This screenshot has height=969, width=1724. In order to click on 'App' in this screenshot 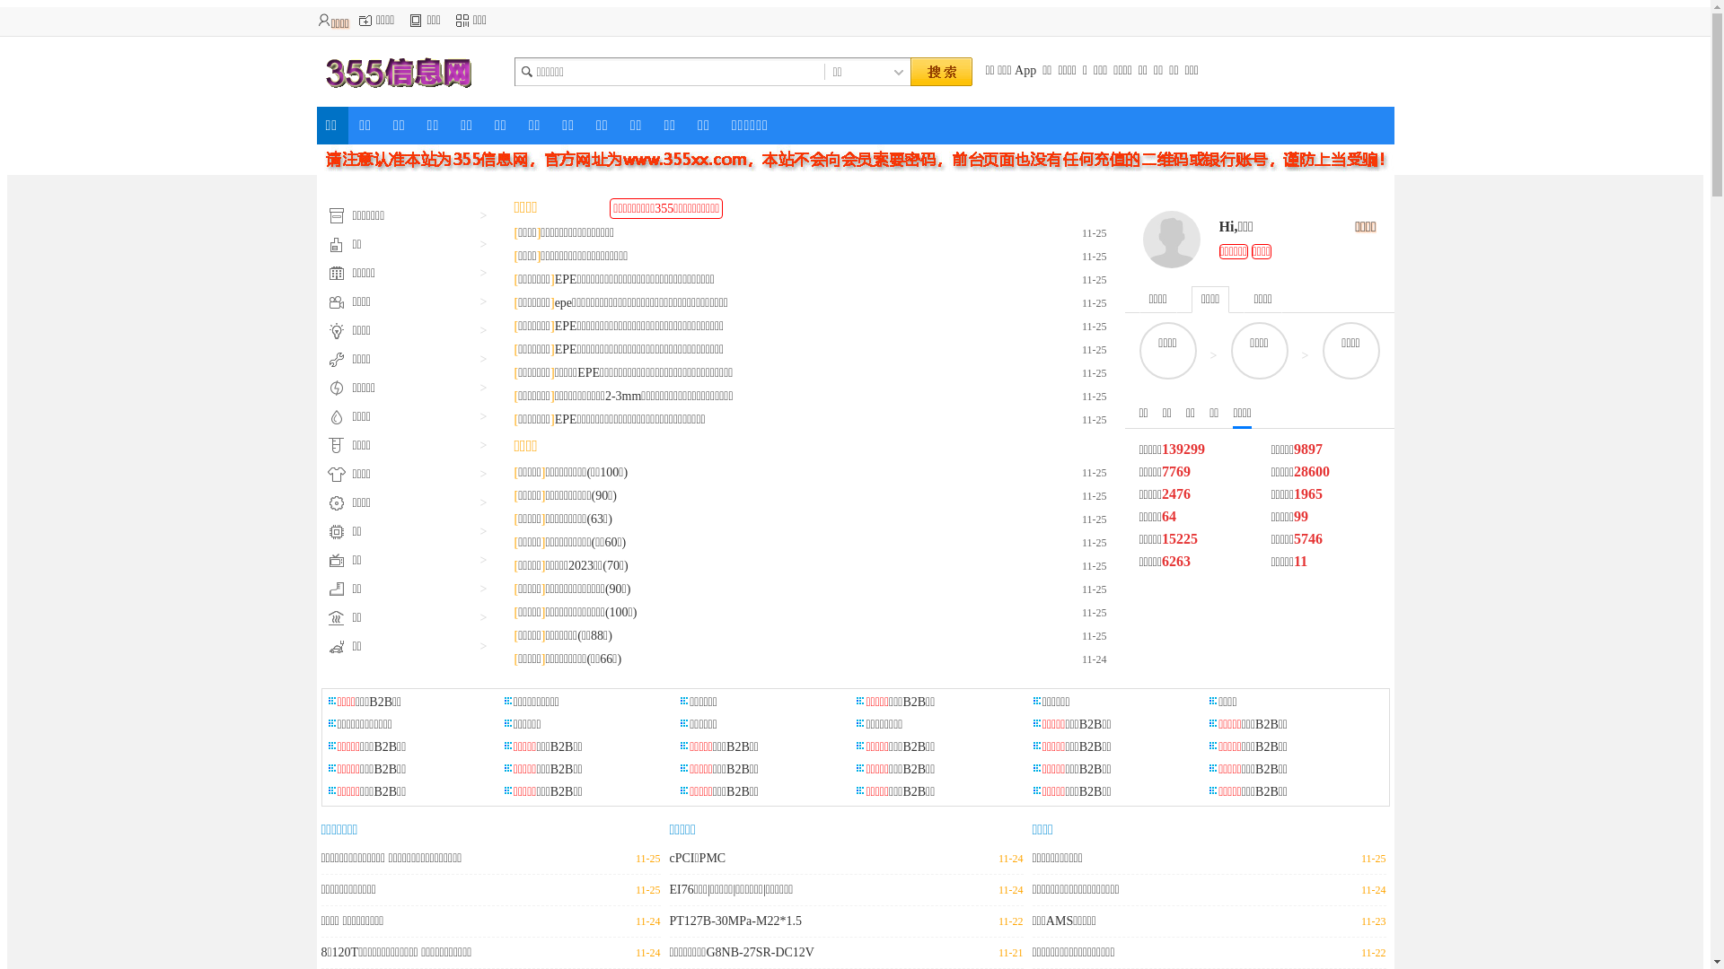, I will do `click(1014, 69)`.